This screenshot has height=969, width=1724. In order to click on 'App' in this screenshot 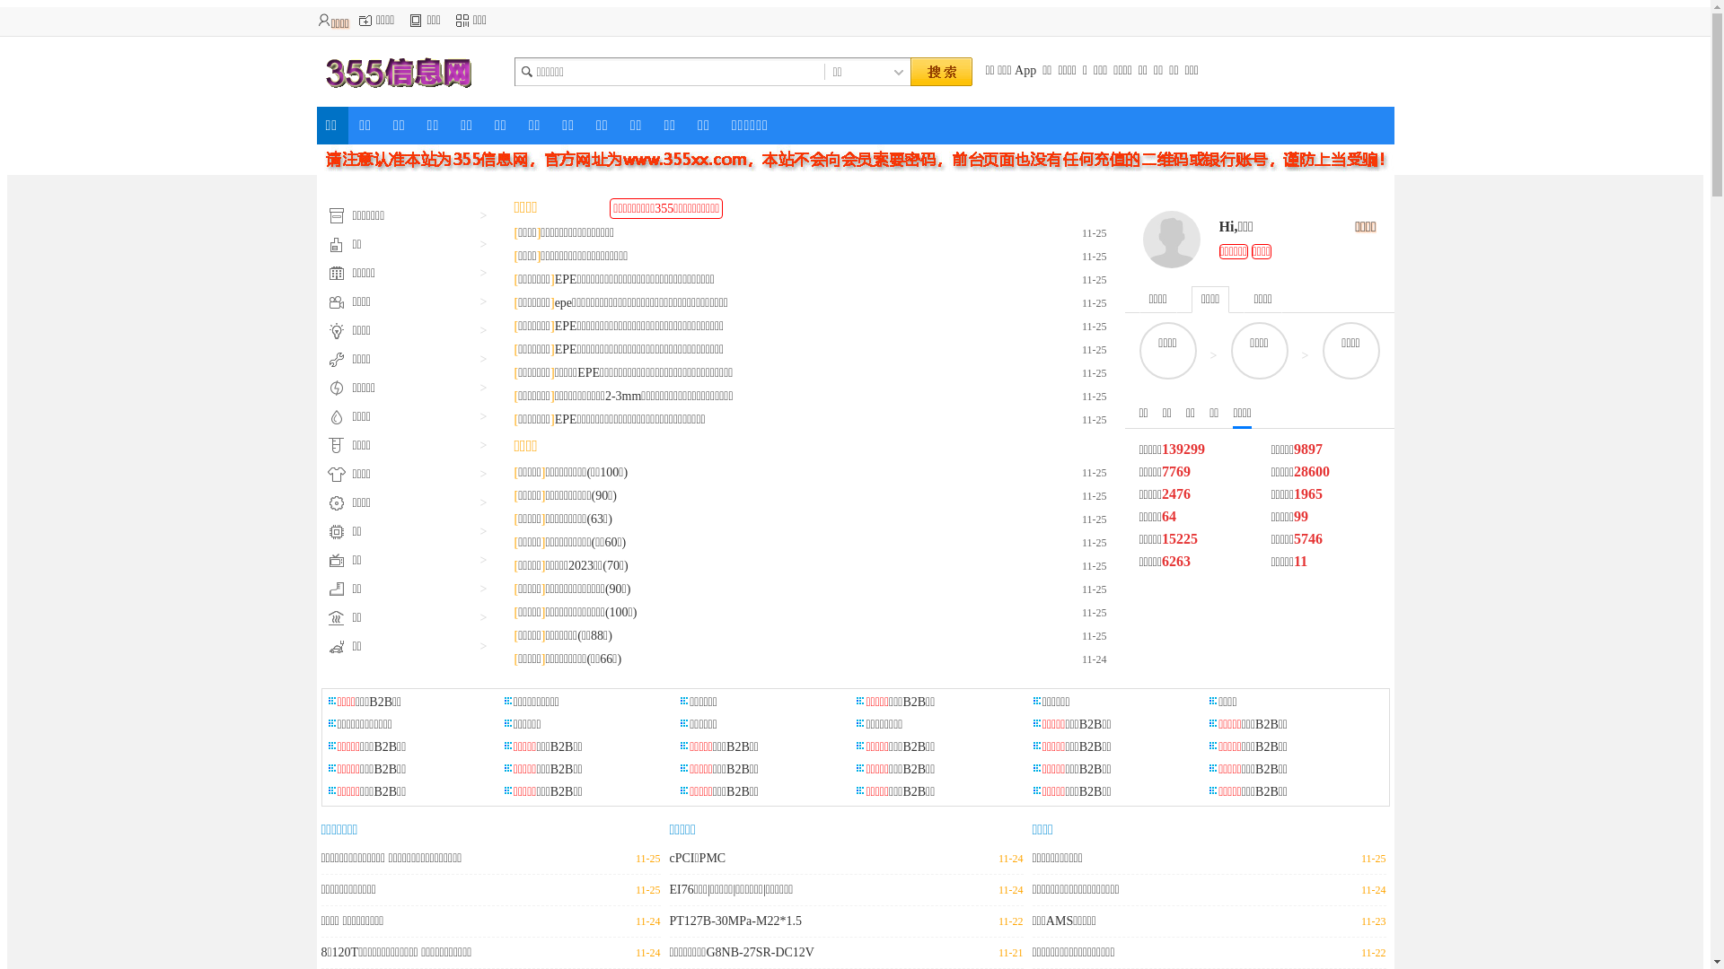, I will do `click(1014, 69)`.